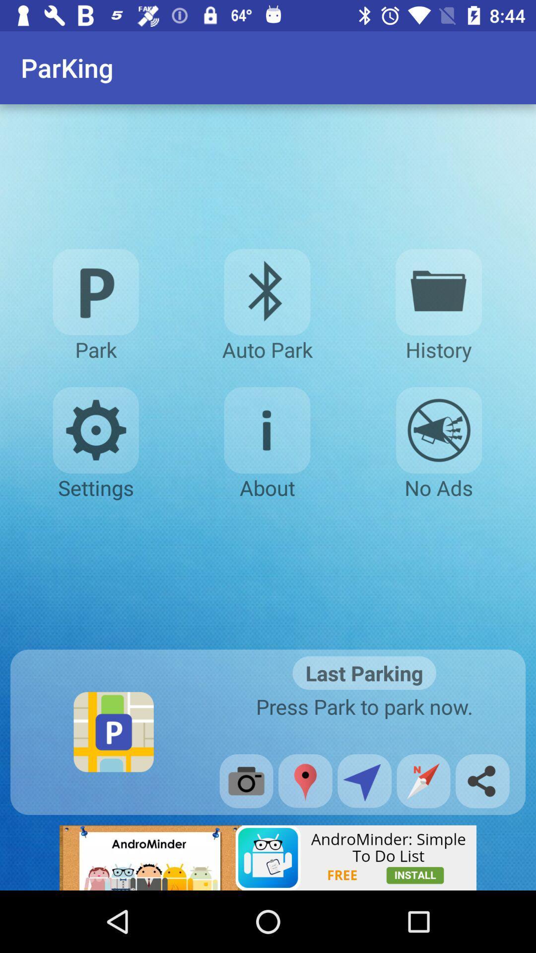 The image size is (536, 953). Describe the element at coordinates (246, 780) in the screenshot. I see `to camera option` at that location.